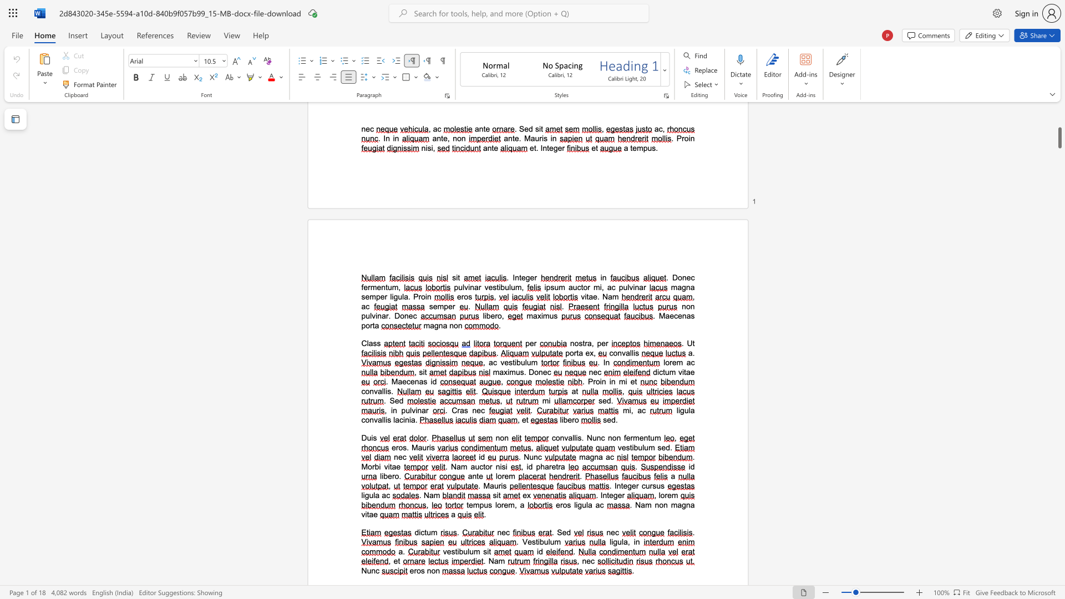  I want to click on the 1th character "g" in the text, so click(591, 457).